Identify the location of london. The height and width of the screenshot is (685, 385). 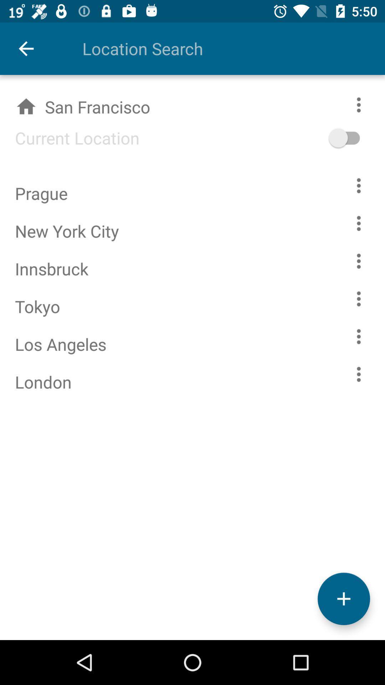
(359, 374).